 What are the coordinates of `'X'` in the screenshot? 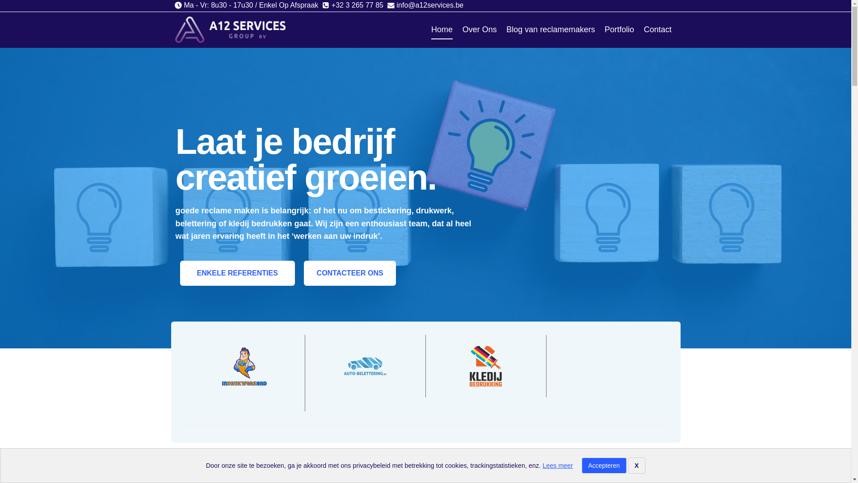 It's located at (636, 465).